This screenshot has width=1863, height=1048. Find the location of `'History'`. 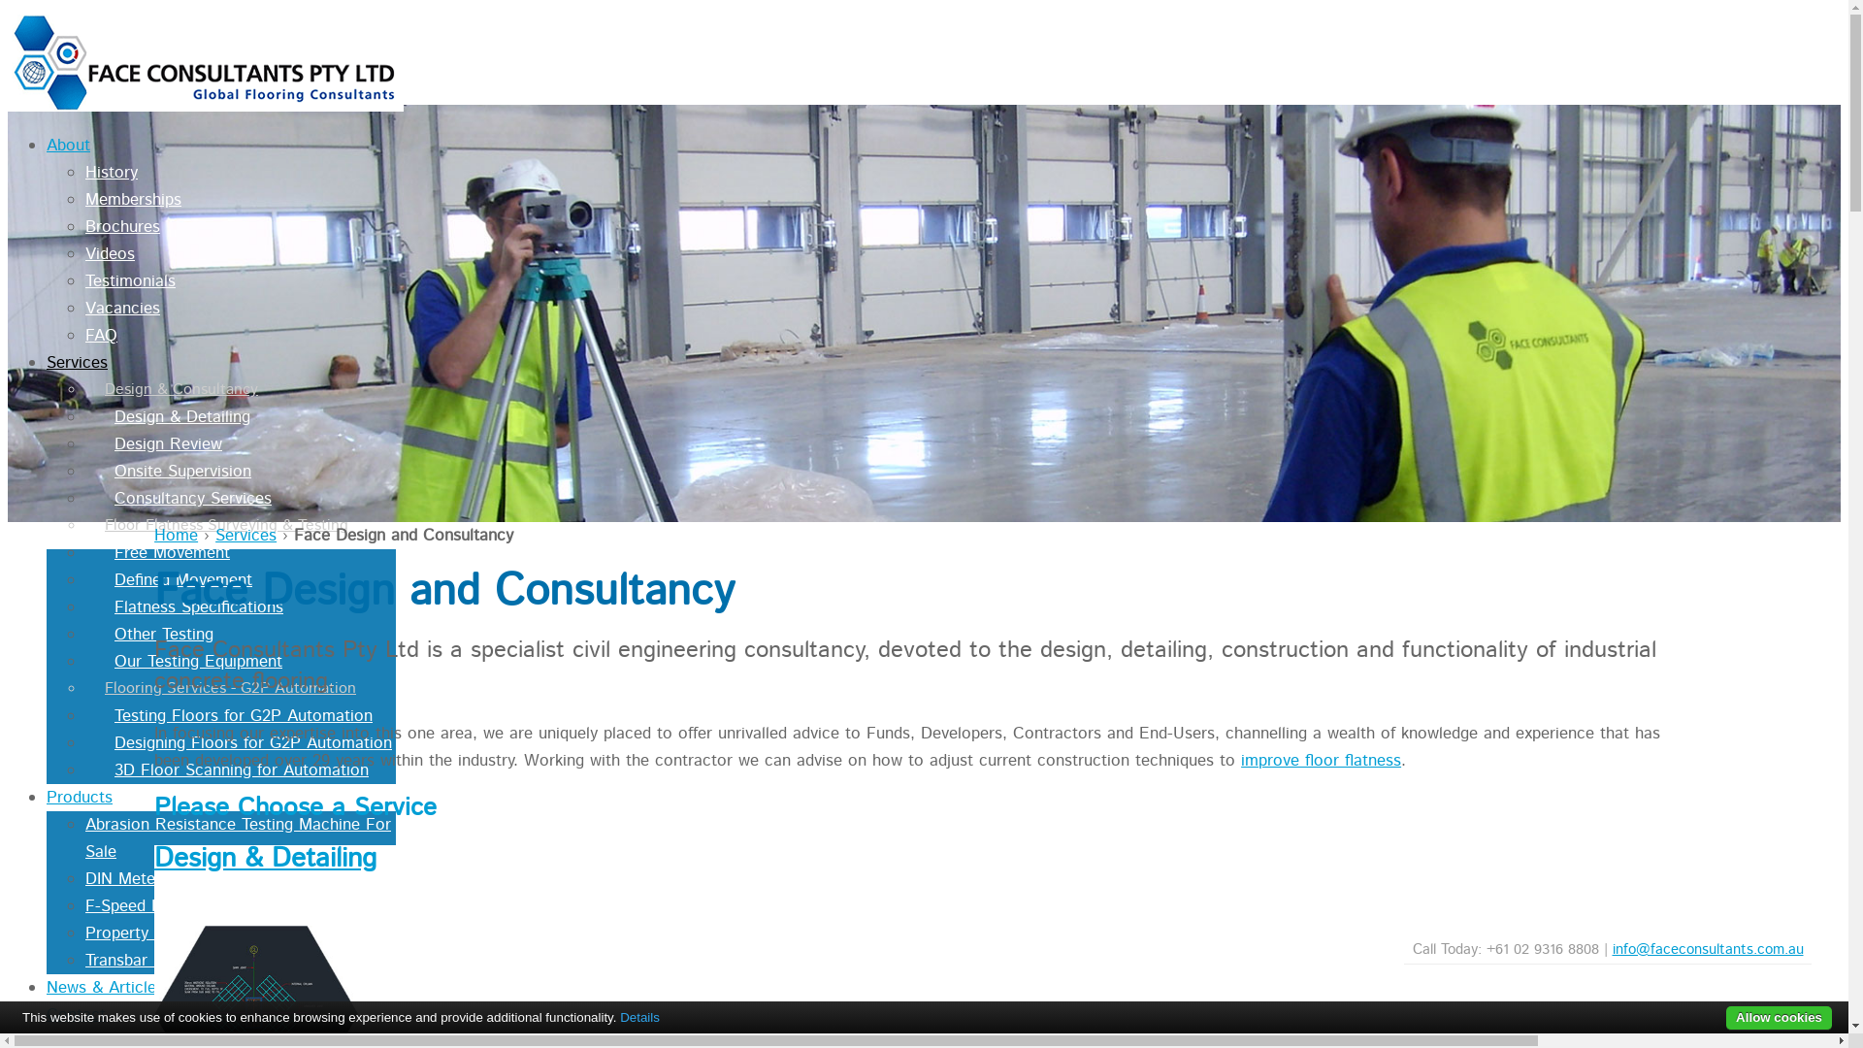

'History' is located at coordinates (83, 171).